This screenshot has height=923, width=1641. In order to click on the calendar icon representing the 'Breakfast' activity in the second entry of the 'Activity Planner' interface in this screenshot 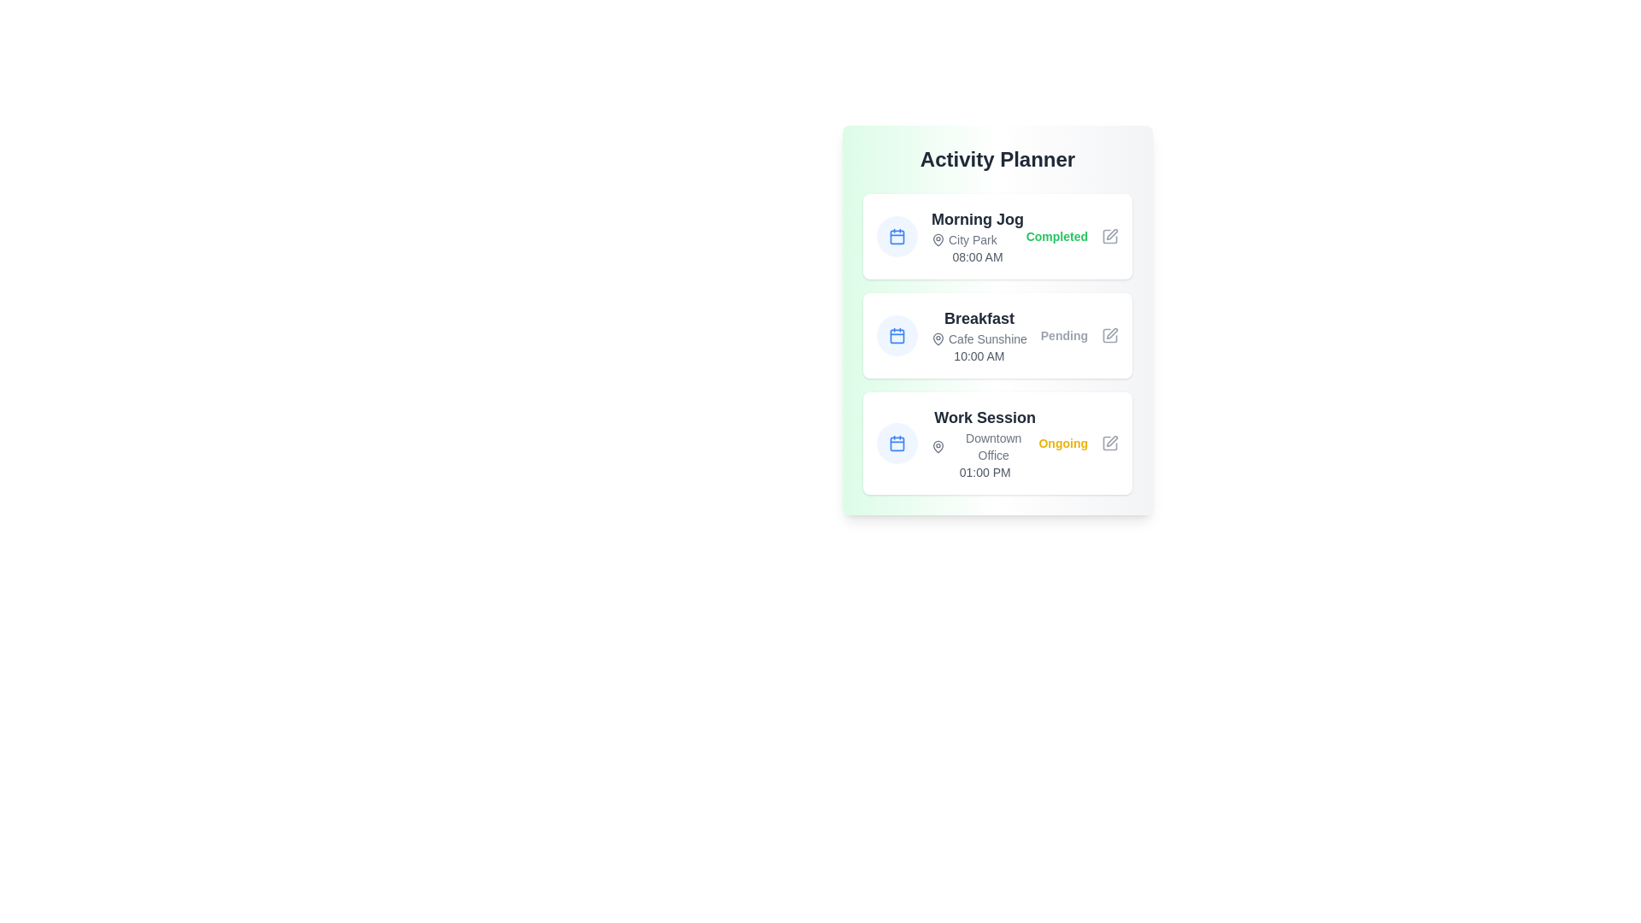, I will do `click(897, 336)`.